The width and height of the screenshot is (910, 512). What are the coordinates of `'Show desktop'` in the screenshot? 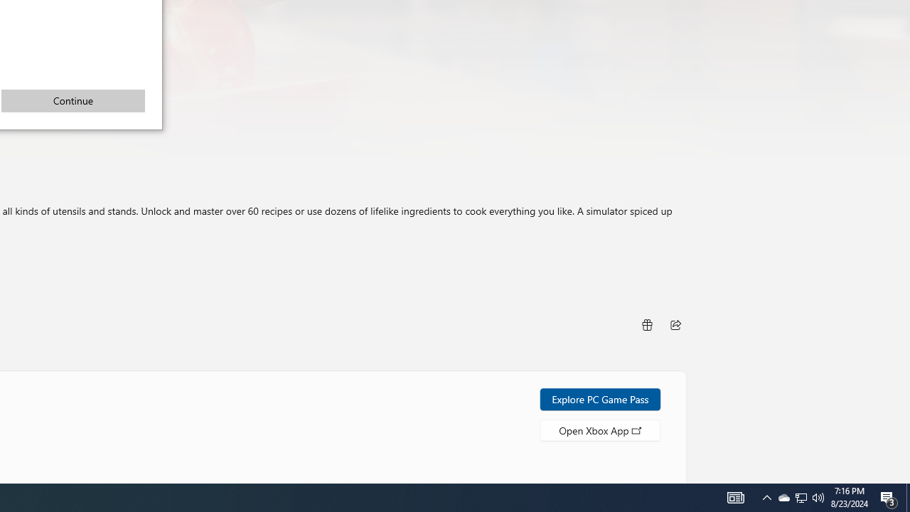 It's located at (889, 496).